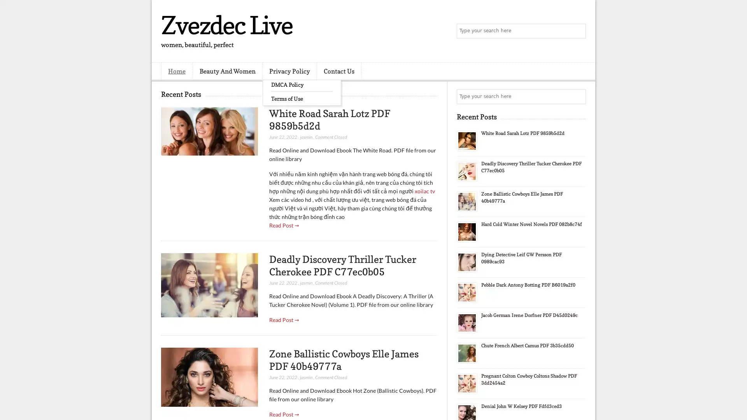 This screenshot has width=747, height=420. What do you see at coordinates (578, 96) in the screenshot?
I see `Search` at bounding box center [578, 96].